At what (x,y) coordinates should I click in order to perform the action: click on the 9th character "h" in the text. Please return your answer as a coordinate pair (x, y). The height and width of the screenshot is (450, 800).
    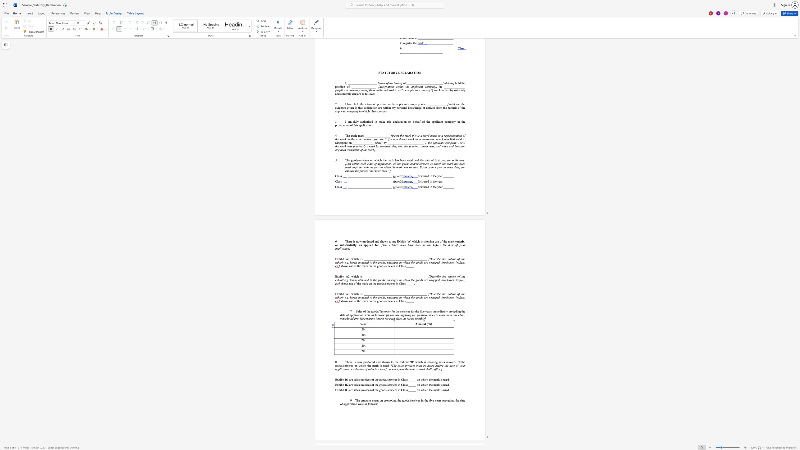
    Looking at the image, I should click on (365, 366).